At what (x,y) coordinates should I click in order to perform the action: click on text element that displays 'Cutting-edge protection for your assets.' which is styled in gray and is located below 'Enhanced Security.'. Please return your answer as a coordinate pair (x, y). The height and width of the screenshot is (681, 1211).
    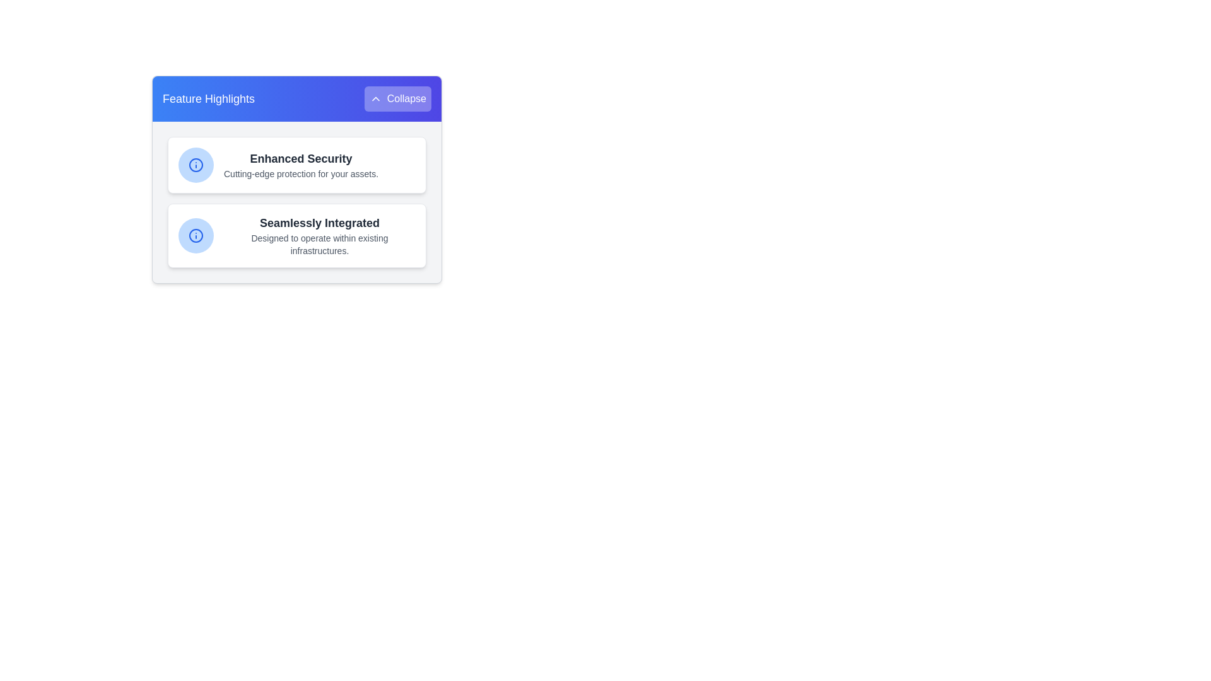
    Looking at the image, I should click on (300, 174).